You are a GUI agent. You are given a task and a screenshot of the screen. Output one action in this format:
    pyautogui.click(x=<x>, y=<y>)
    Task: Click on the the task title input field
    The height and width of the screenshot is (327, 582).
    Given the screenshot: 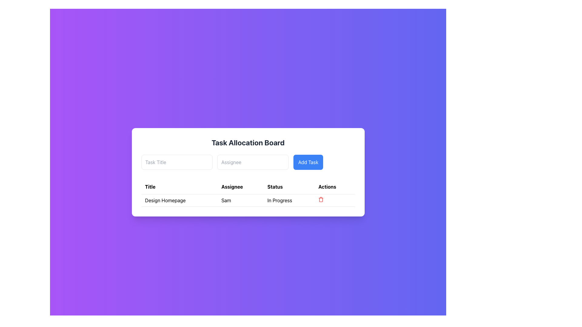 What is the action you would take?
    pyautogui.click(x=176, y=162)
    